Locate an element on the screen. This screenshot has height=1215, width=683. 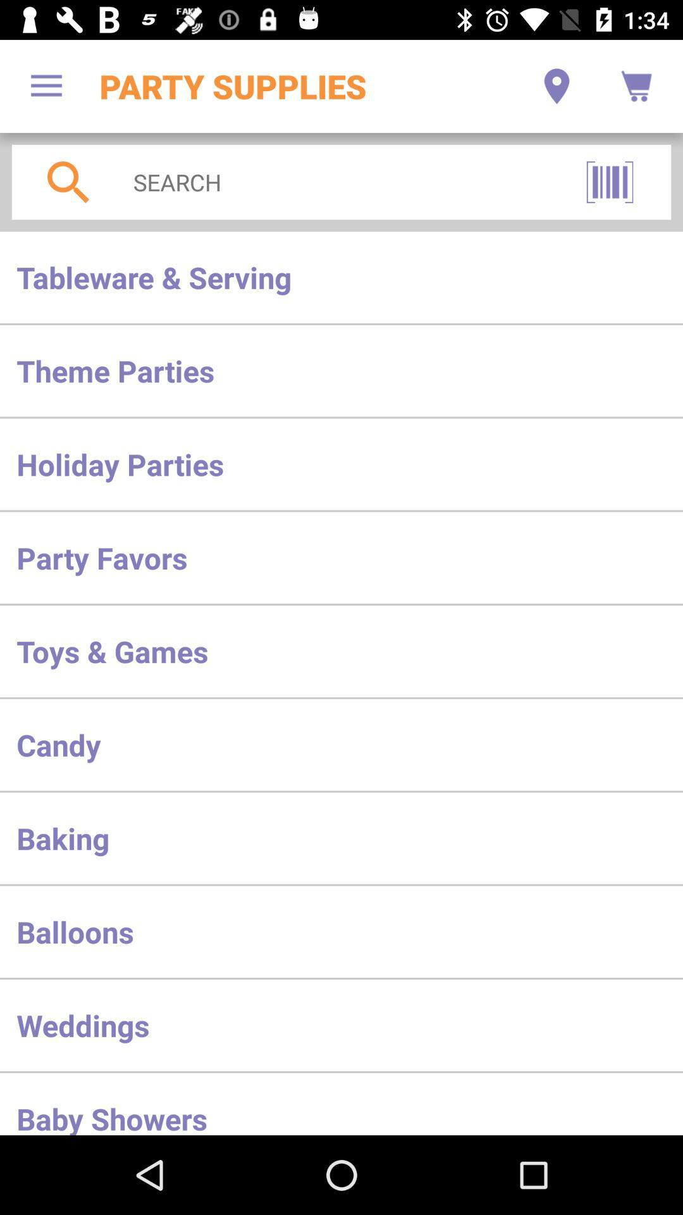
item above party favors item is located at coordinates (341, 463).